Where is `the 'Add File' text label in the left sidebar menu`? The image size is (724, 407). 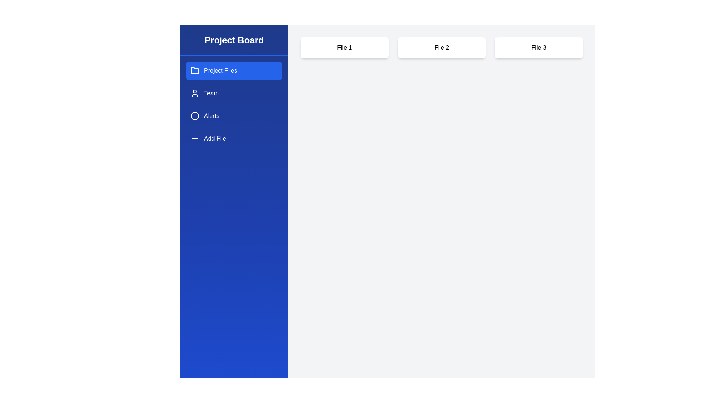
the 'Add File' text label in the left sidebar menu is located at coordinates (215, 138).